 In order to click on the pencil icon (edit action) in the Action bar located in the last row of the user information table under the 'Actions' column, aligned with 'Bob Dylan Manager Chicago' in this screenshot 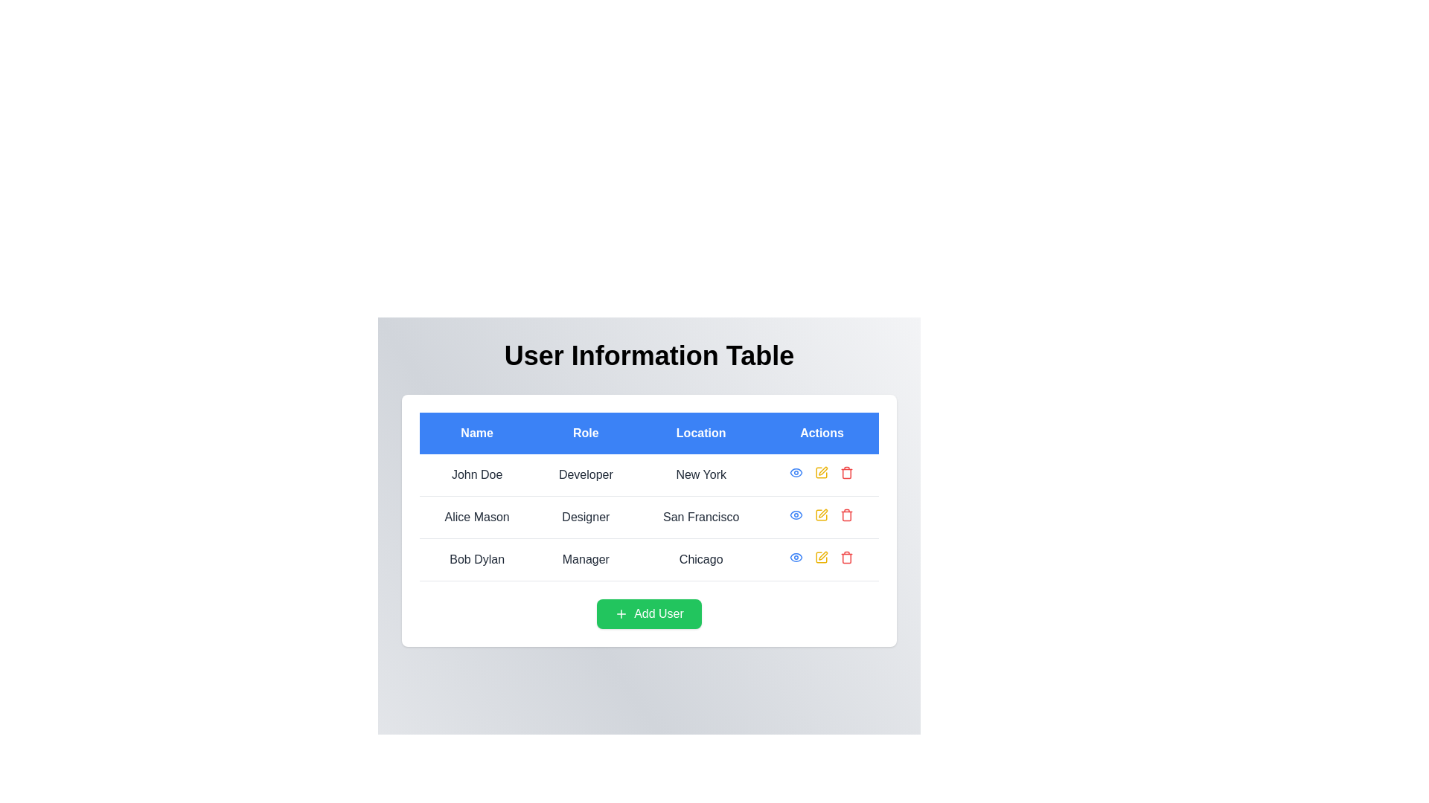, I will do `click(821, 557)`.